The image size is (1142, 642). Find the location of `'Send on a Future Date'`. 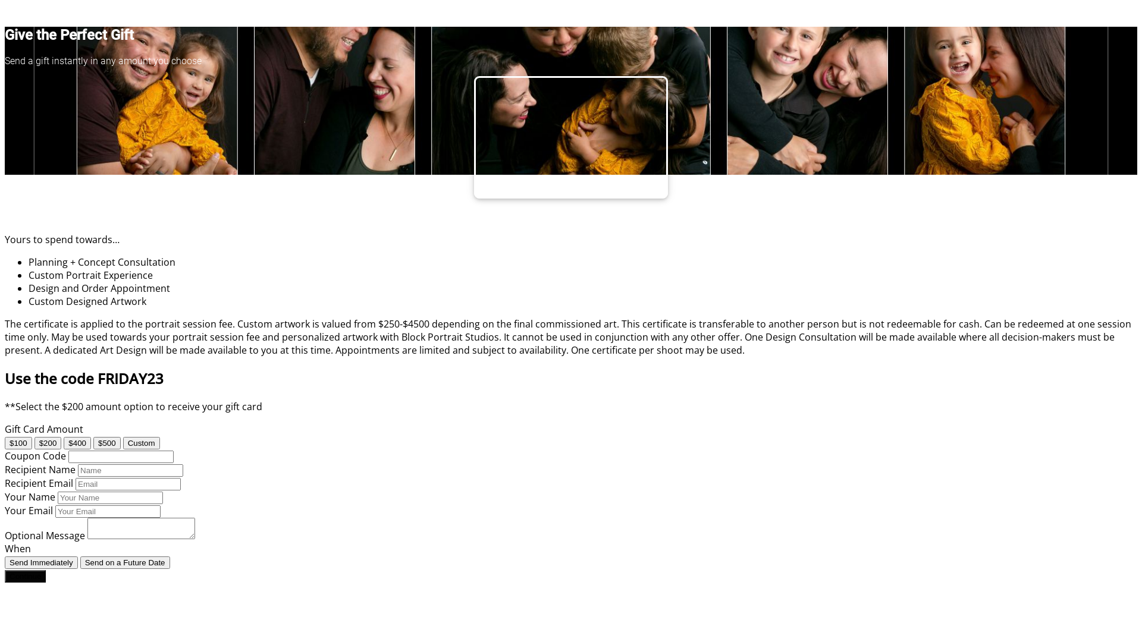

'Send on a Future Date' is located at coordinates (125, 562).